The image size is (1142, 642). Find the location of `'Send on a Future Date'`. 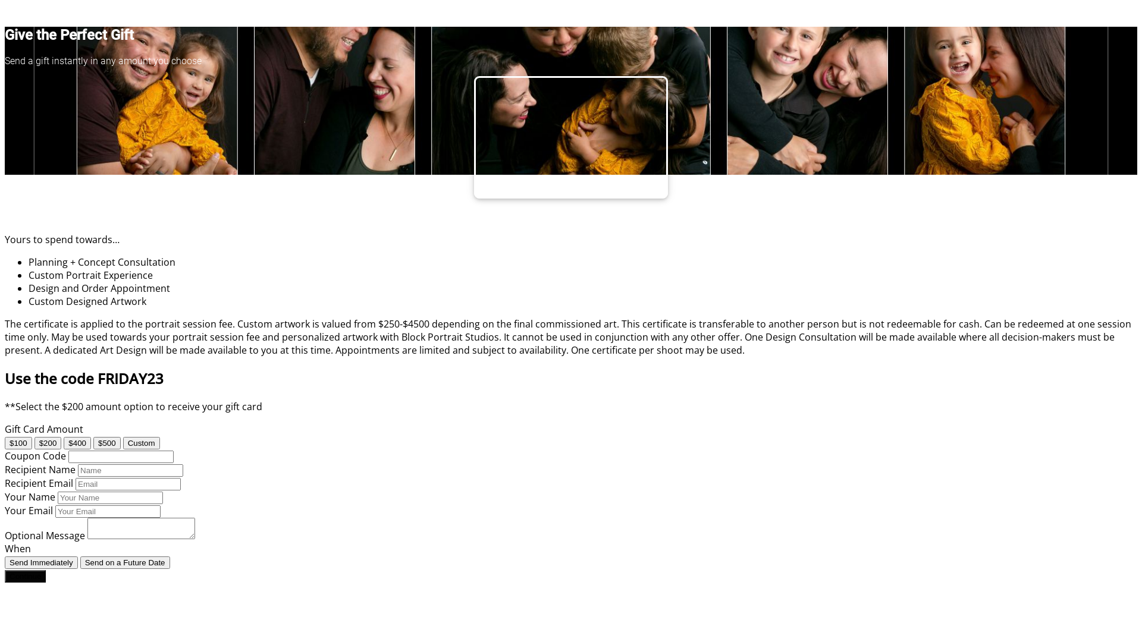

'Send on a Future Date' is located at coordinates (125, 562).